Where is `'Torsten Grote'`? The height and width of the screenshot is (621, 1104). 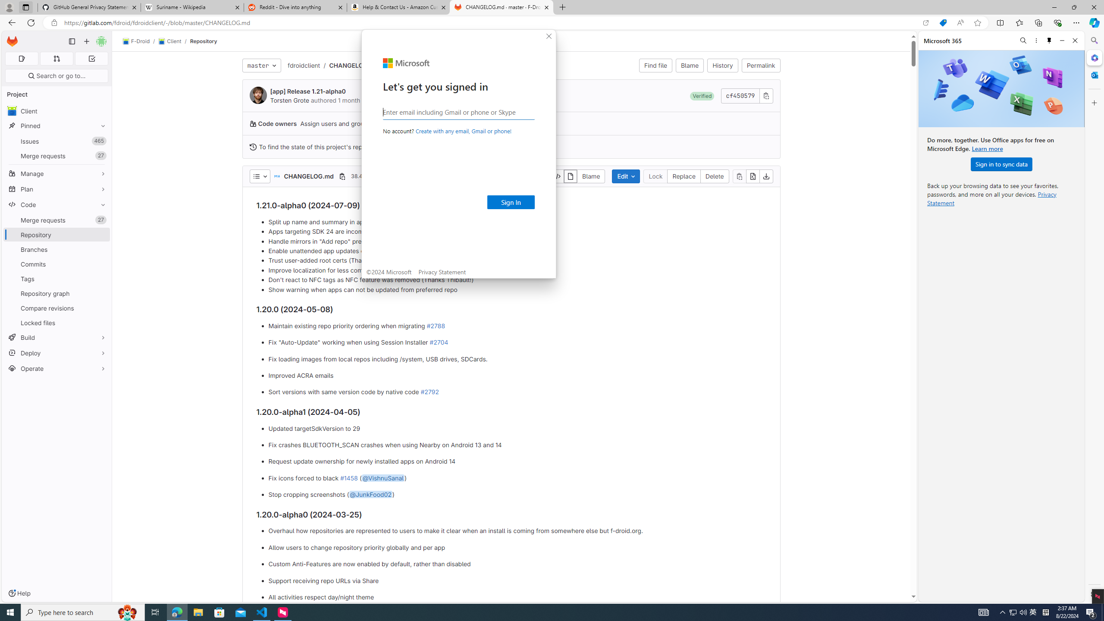
'Torsten Grote' is located at coordinates (290, 100).